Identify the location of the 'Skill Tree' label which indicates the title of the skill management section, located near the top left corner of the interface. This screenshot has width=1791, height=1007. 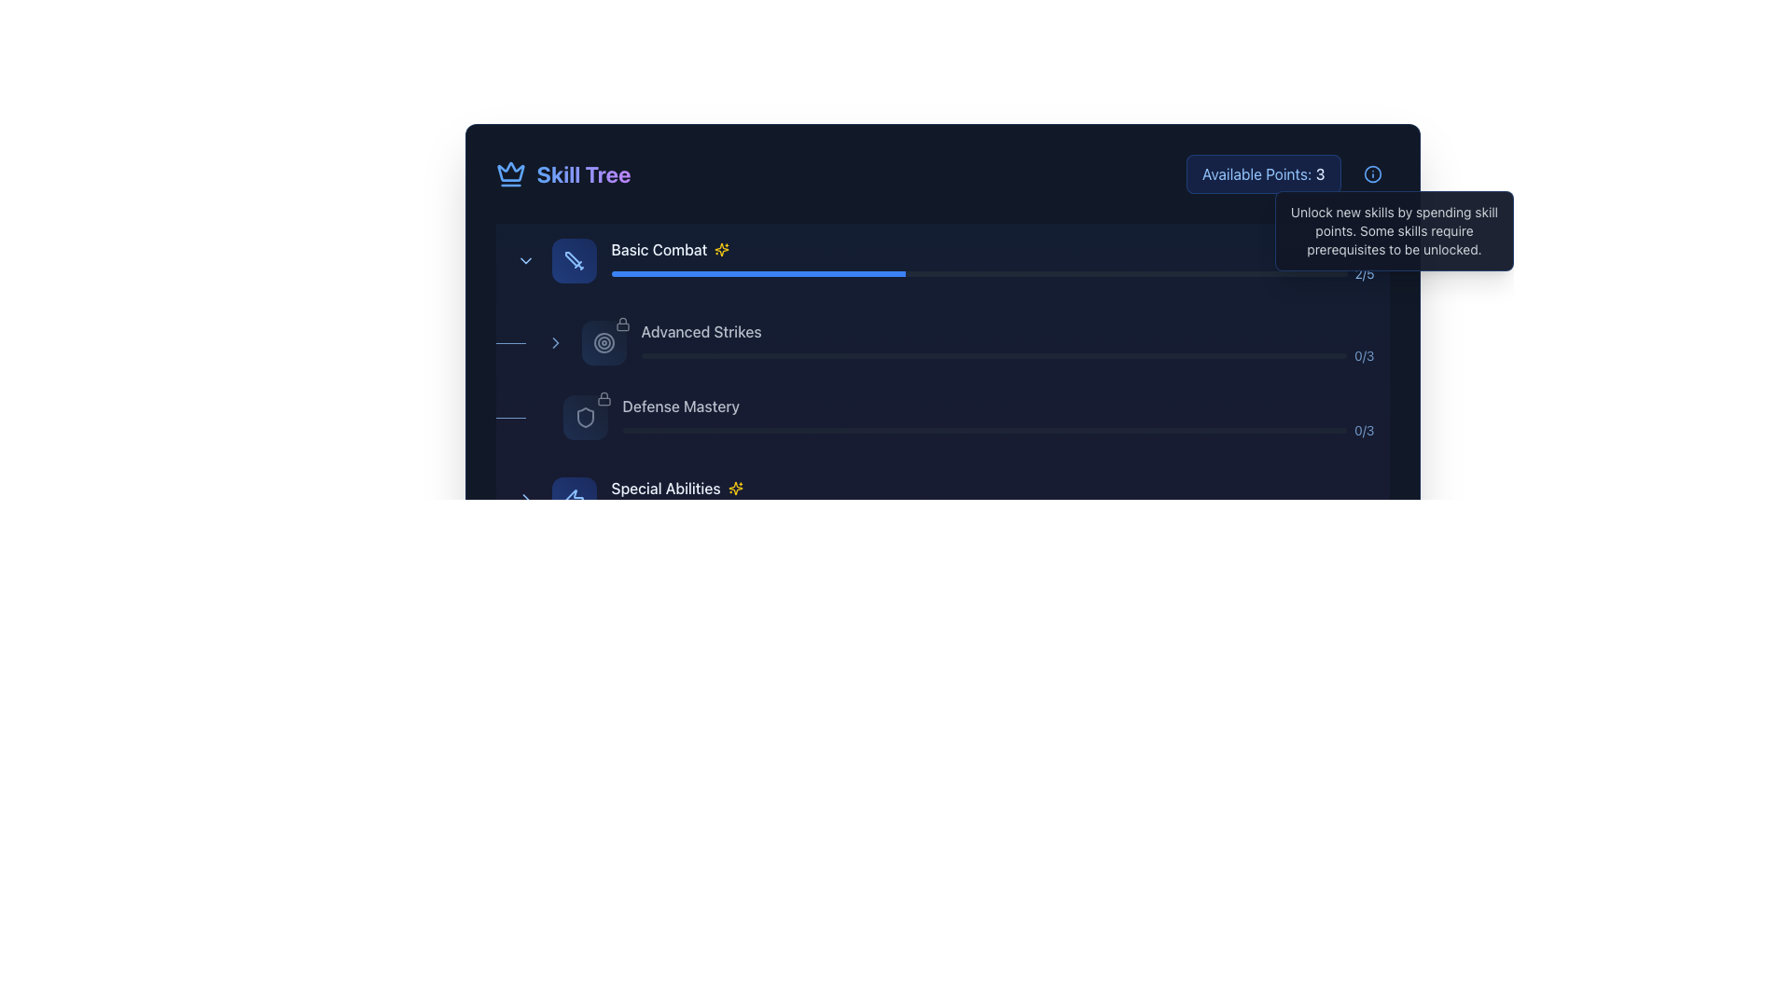
(583, 173).